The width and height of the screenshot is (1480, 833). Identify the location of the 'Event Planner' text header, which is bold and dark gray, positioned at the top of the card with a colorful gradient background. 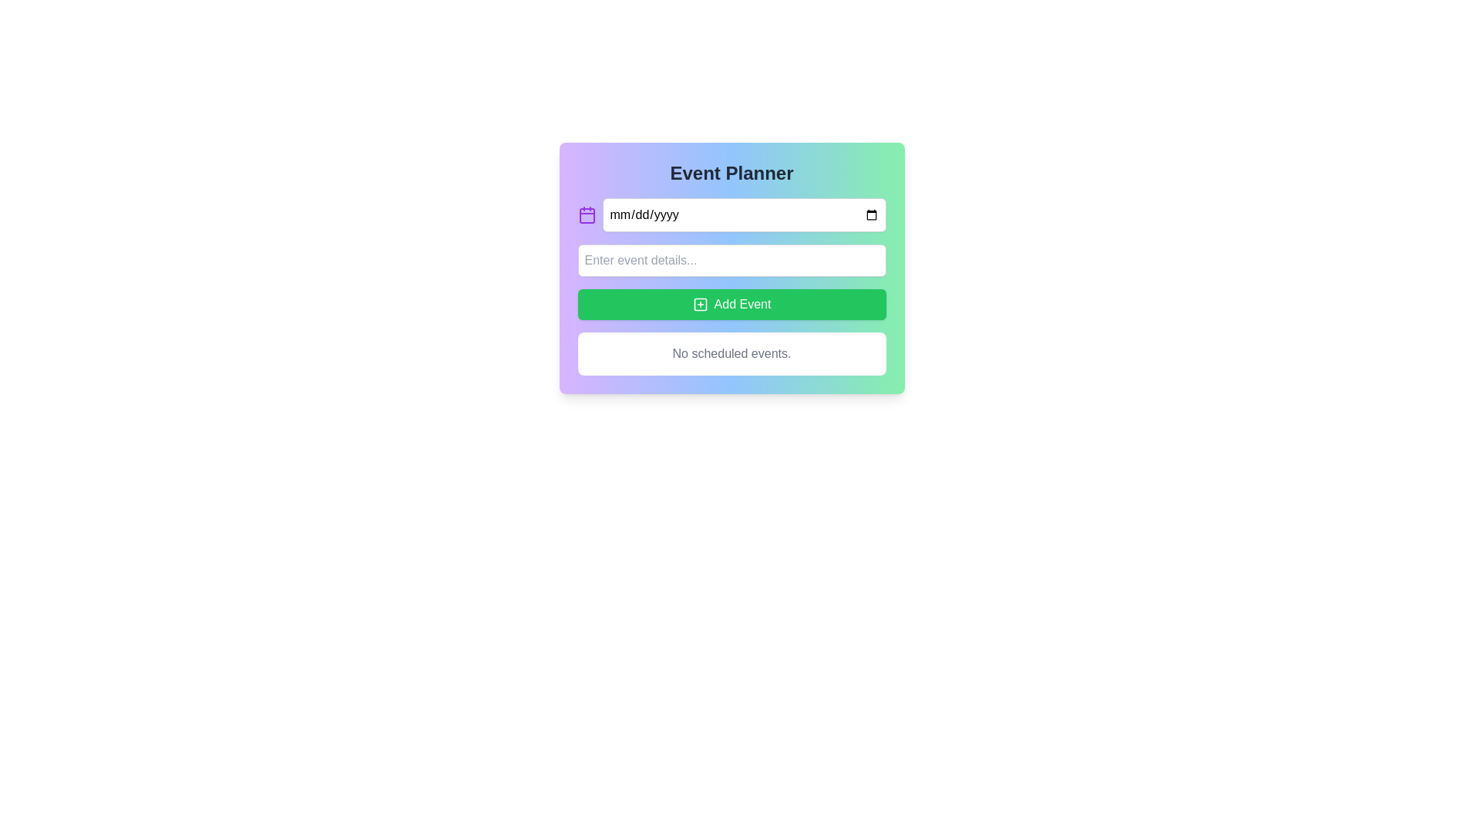
(731, 173).